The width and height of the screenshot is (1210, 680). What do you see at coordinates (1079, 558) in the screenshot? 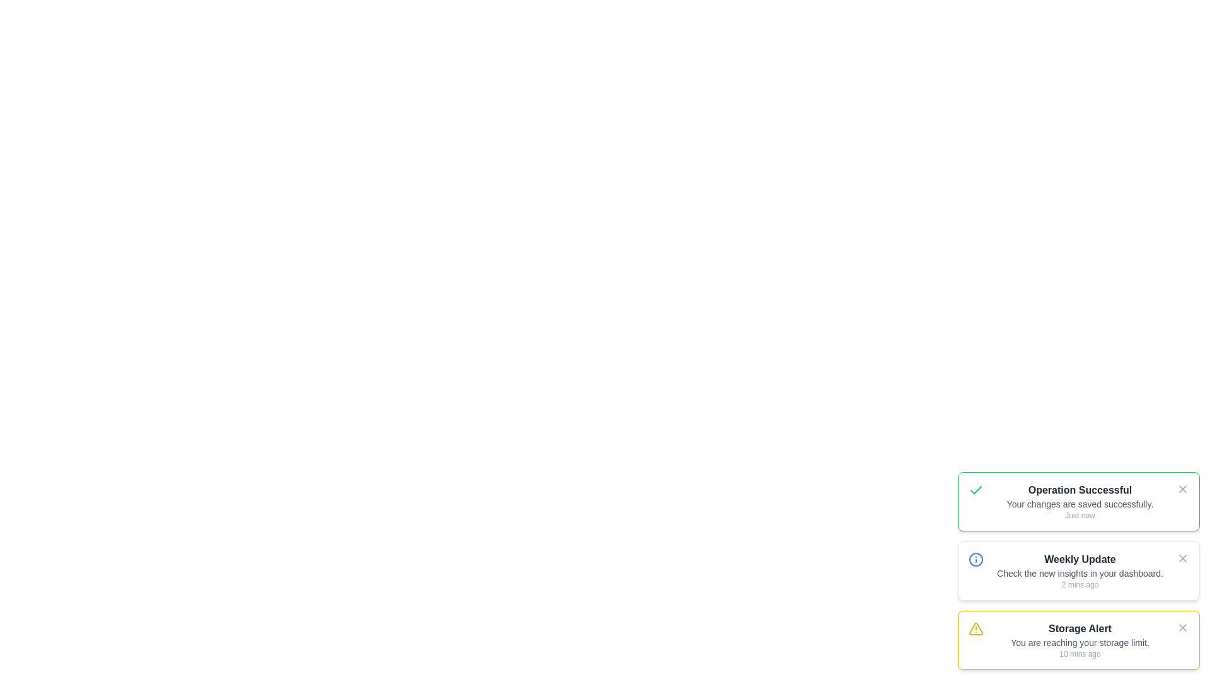
I see `text content of the bolded text label displaying 'Weekly Update' located at the top of the second notification card from the top` at bounding box center [1079, 558].